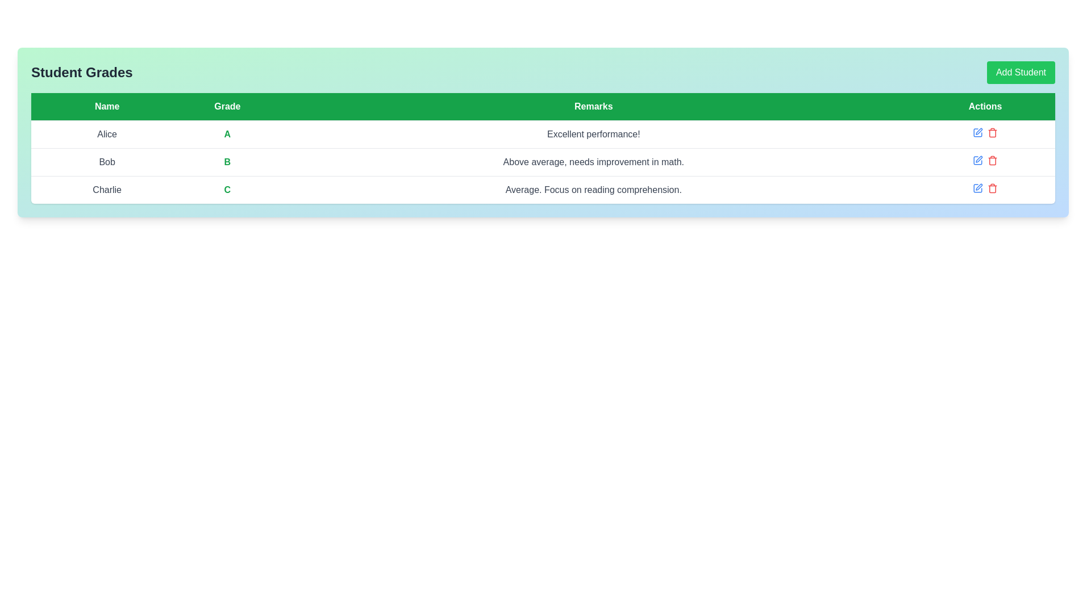 This screenshot has height=613, width=1091. What do you see at coordinates (227, 133) in the screenshot?
I see `the bold green 'A' character in the 'Grade' column for the student named 'Alice' in the first row of the Student Grades table` at bounding box center [227, 133].